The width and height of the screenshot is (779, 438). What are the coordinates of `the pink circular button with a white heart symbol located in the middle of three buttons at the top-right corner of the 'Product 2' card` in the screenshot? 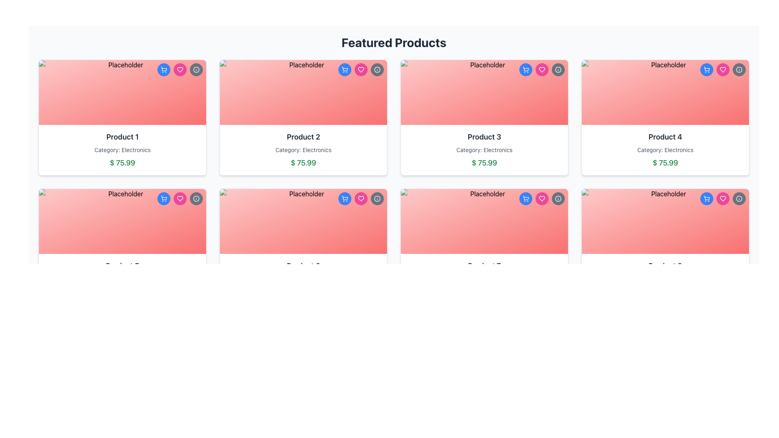 It's located at (360, 69).